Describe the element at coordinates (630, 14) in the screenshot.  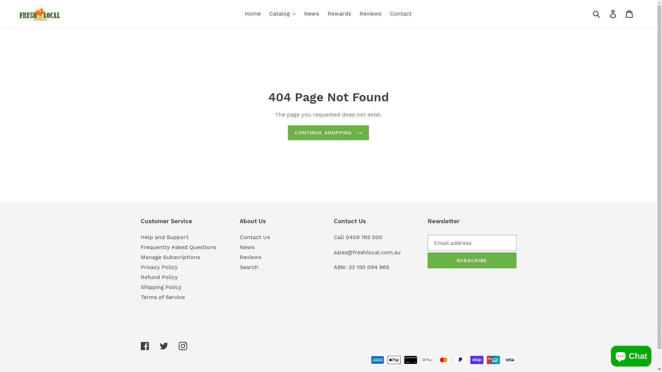
I see `'Cart'` at that location.